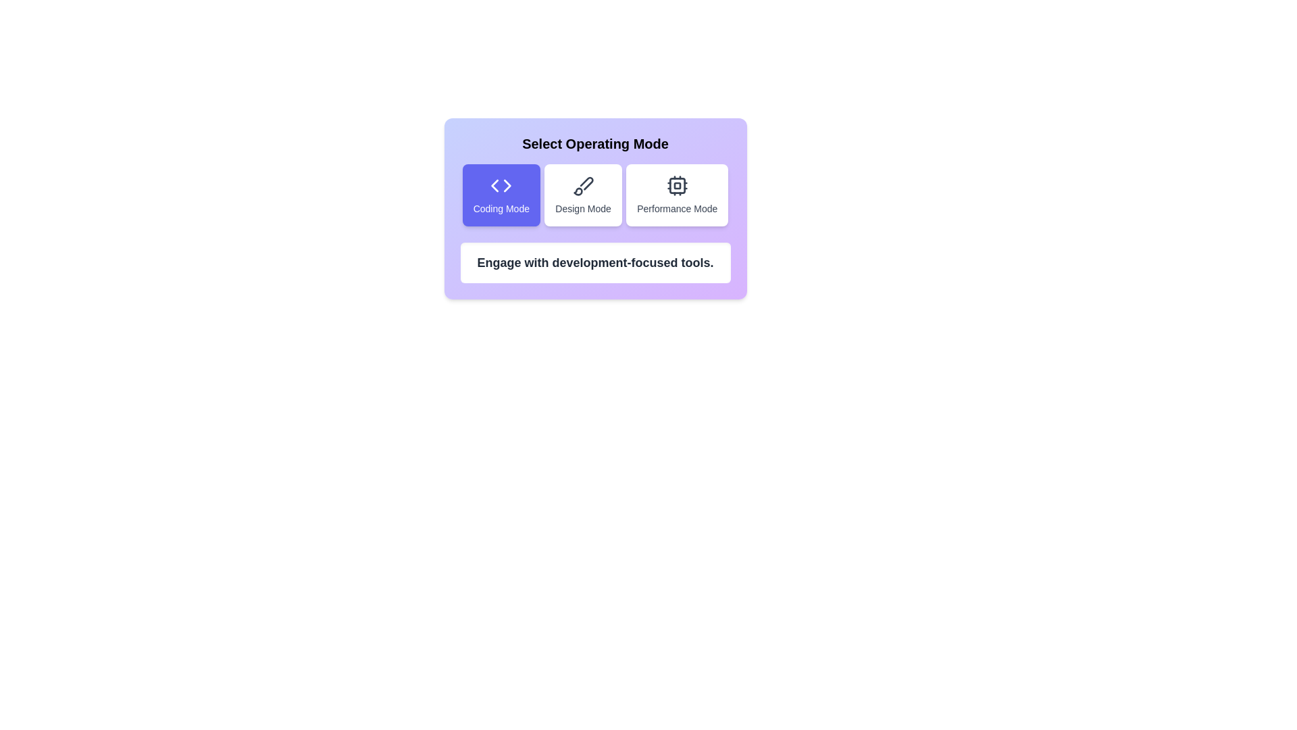 This screenshot has height=730, width=1297. Describe the element at coordinates (583, 195) in the screenshot. I see `the mode by clicking on the corresponding button. The parameter Design Mode determines the mode to select` at that location.